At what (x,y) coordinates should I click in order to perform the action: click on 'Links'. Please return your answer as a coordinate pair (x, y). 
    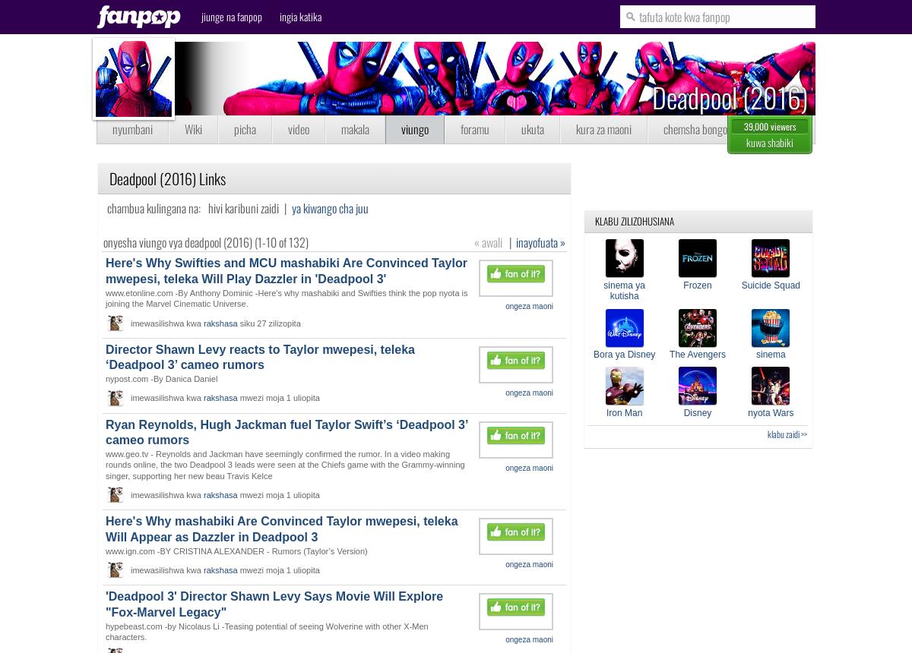
    Looking at the image, I should click on (198, 178).